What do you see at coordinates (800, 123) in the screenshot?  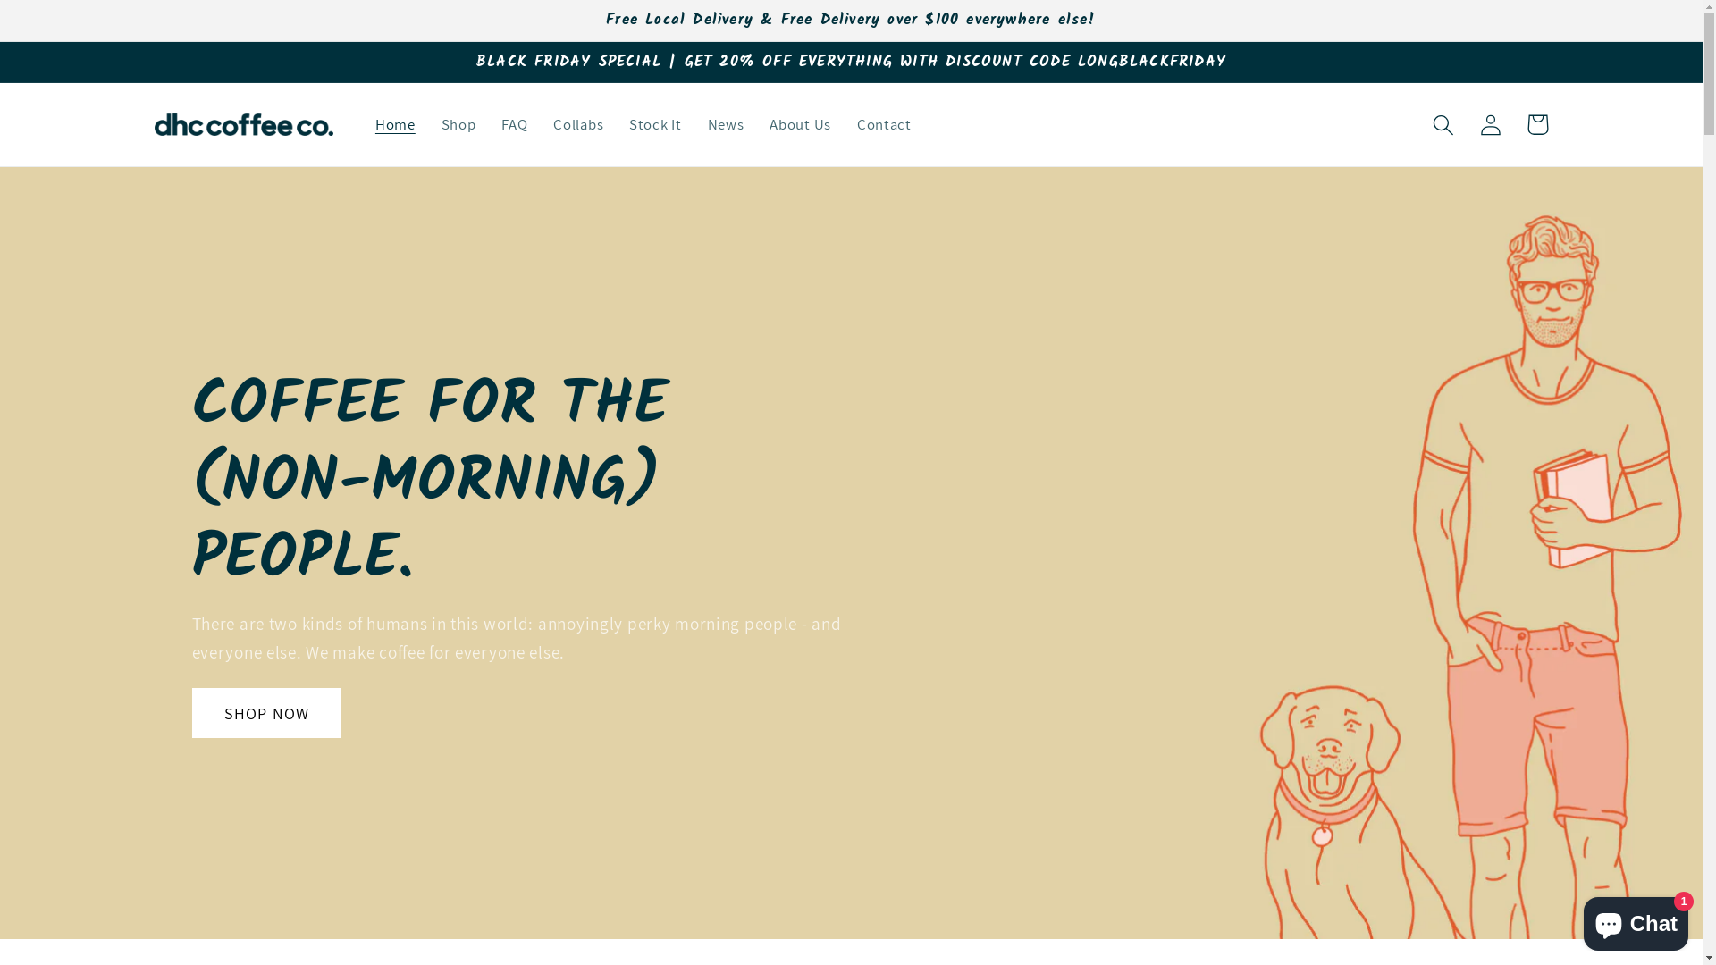 I see `'About Us'` at bounding box center [800, 123].